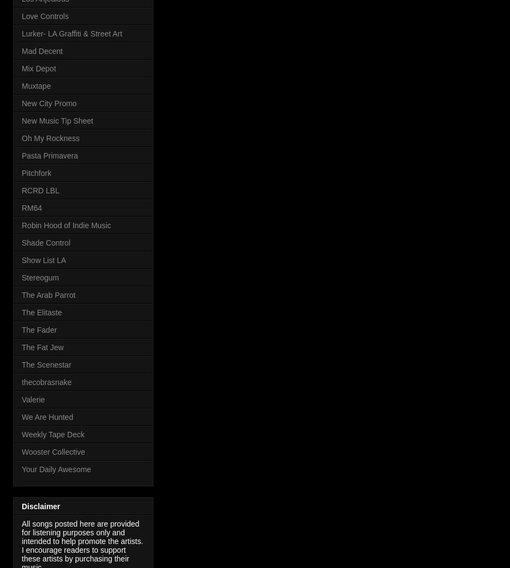  What do you see at coordinates (50, 138) in the screenshot?
I see `'Oh My Rockness'` at bounding box center [50, 138].